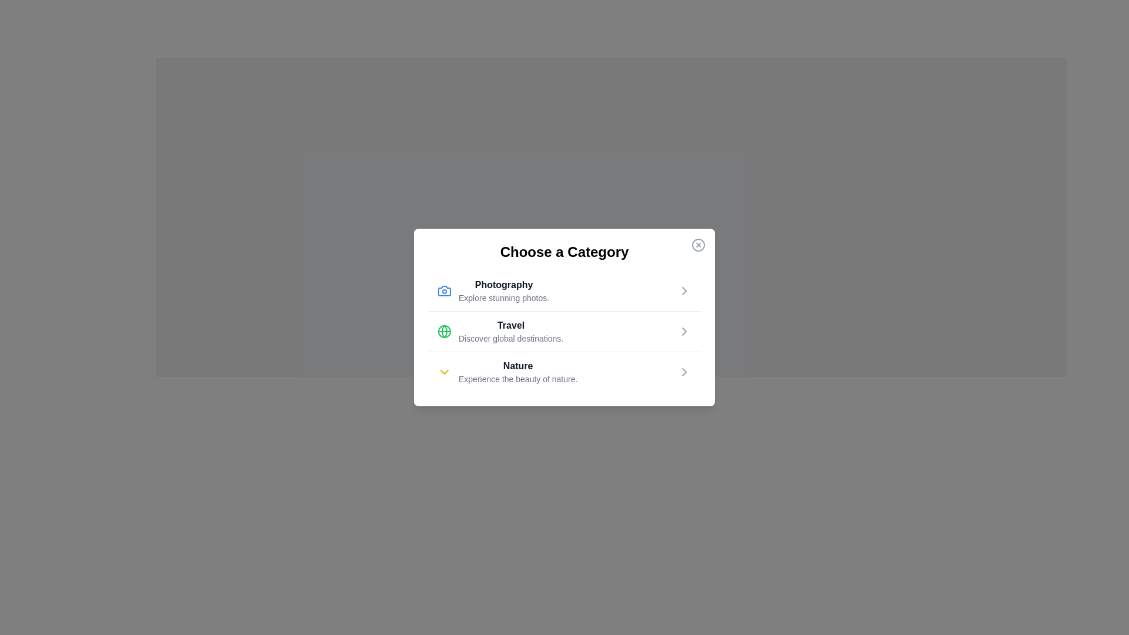  What do you see at coordinates (517, 372) in the screenshot?
I see `the text-based selectable list item titled 'Nature'` at bounding box center [517, 372].